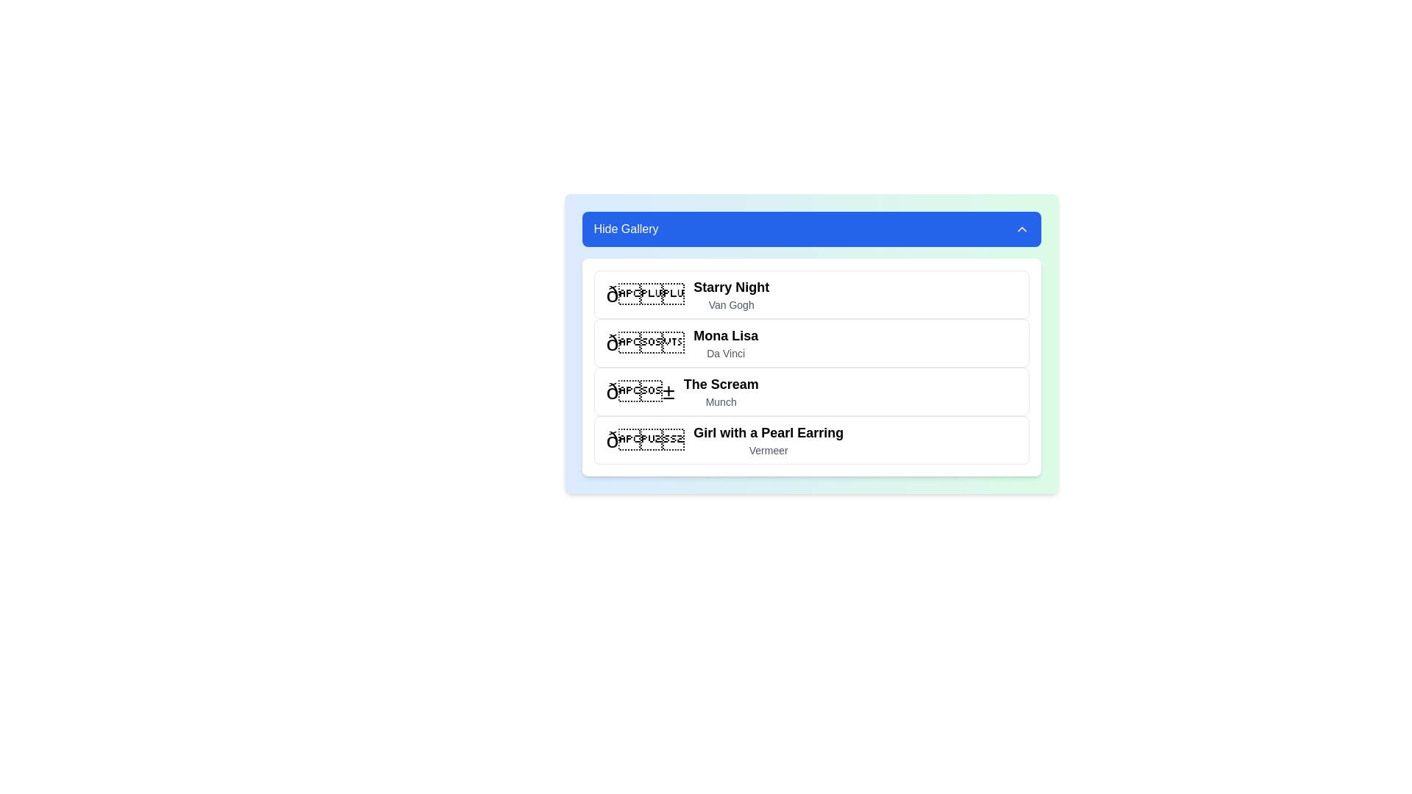  What do you see at coordinates (731, 295) in the screenshot?
I see `the text block displaying the name and creator of the artwork 'Starry Night', located immediately to the right of a globe emoji icon in the first gallery item` at bounding box center [731, 295].